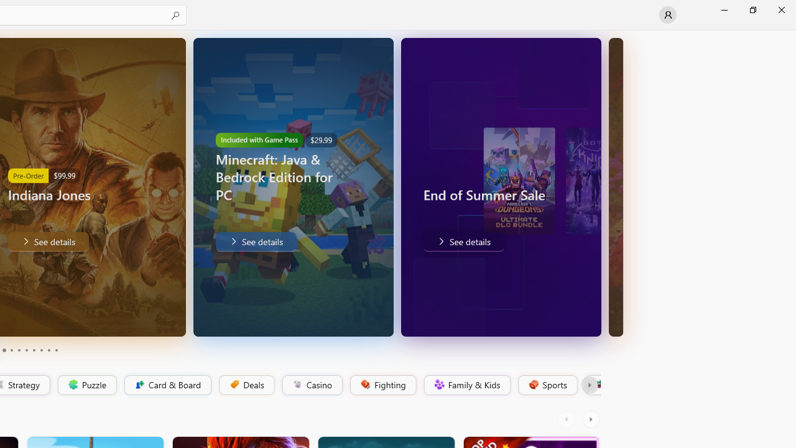 The image size is (796, 448). What do you see at coordinates (547, 385) in the screenshot?
I see `'Sports'` at bounding box center [547, 385].